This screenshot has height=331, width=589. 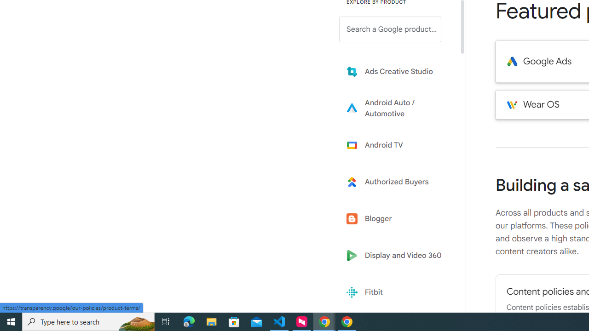 I want to click on 'Learn more about Authorized Buyers', so click(x=397, y=182).